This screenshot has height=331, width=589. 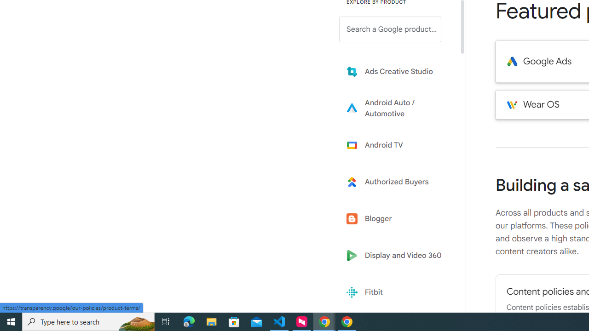 I want to click on 'Learn more about Authorized Buyers', so click(x=397, y=182).